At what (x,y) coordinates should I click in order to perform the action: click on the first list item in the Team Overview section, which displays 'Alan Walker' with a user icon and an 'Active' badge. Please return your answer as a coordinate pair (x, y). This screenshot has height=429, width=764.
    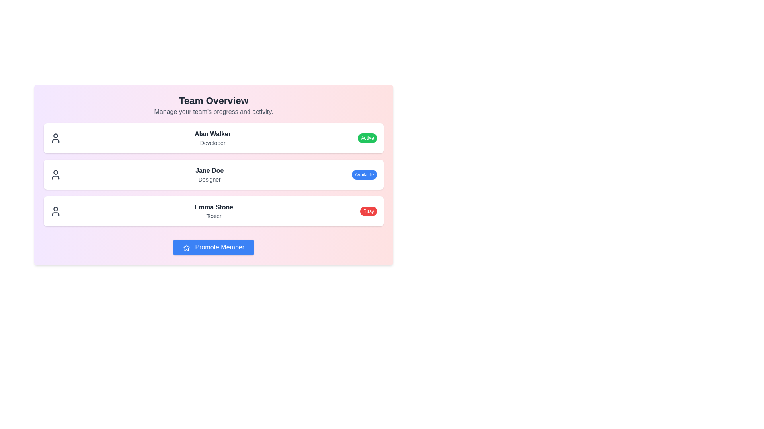
    Looking at the image, I should click on (214, 137).